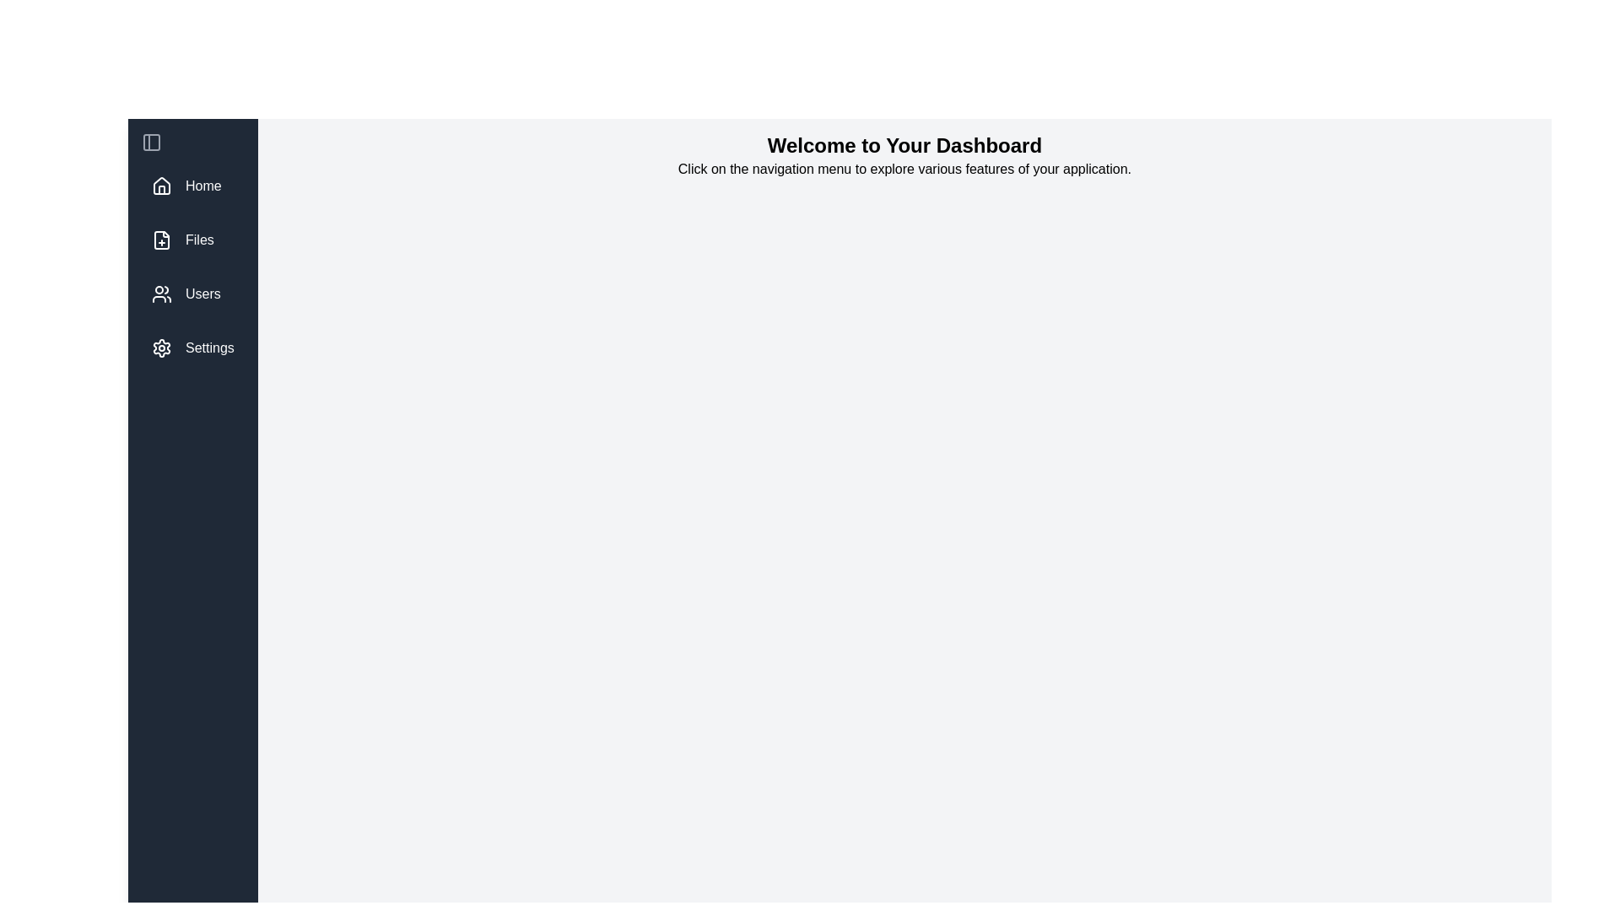 Image resolution: width=1620 pixels, height=911 pixels. What do you see at coordinates (199, 240) in the screenshot?
I see `the 'Files' label in the navigation menu, which is positioned to the right of the file icon and is the second menu option` at bounding box center [199, 240].